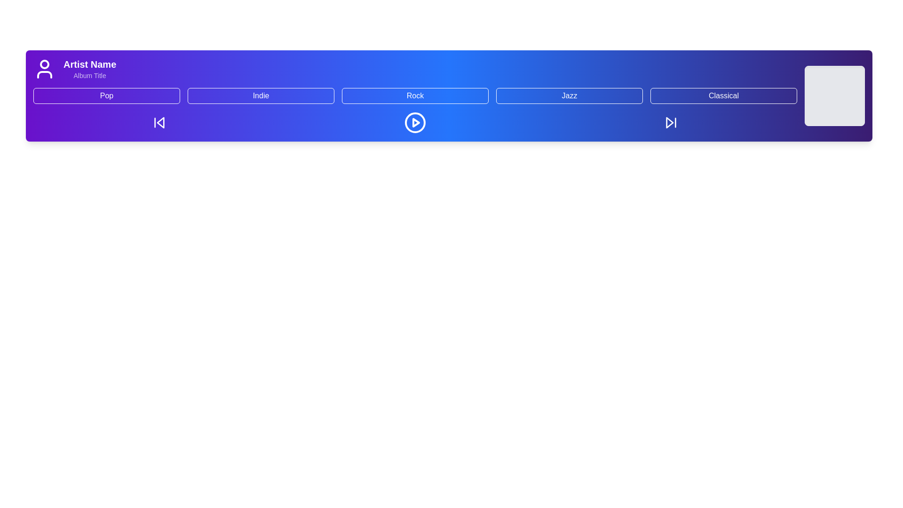 This screenshot has height=508, width=903. What do you see at coordinates (44, 74) in the screenshot?
I see `the user icon element, which is part of a vector graphic representing a simplified person outline, located below the head shape and adjacent to the text 'Artist Name' and 'Album Title'` at bounding box center [44, 74].